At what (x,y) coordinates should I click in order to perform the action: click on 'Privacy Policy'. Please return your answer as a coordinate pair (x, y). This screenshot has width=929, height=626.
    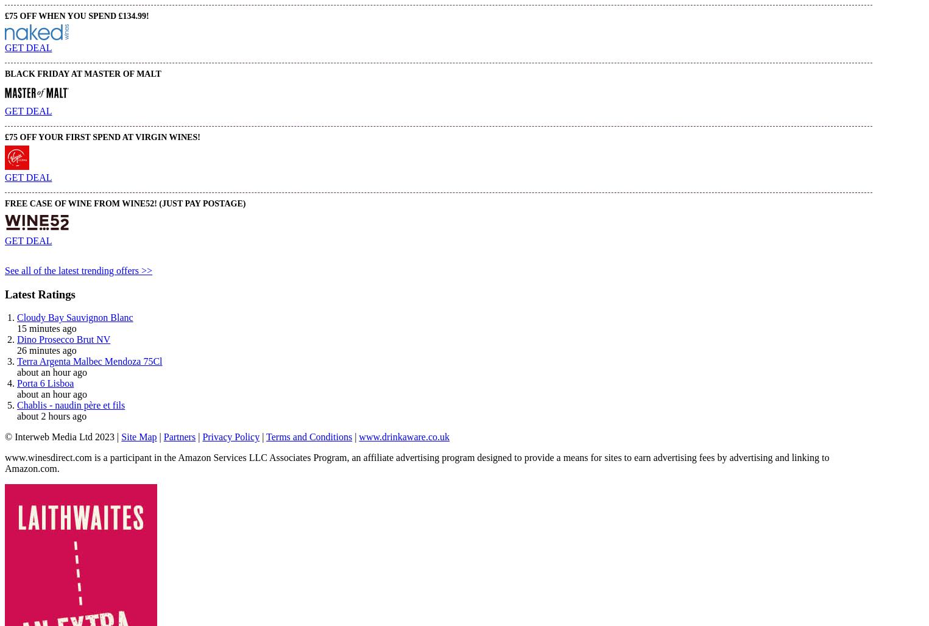
    Looking at the image, I should click on (230, 436).